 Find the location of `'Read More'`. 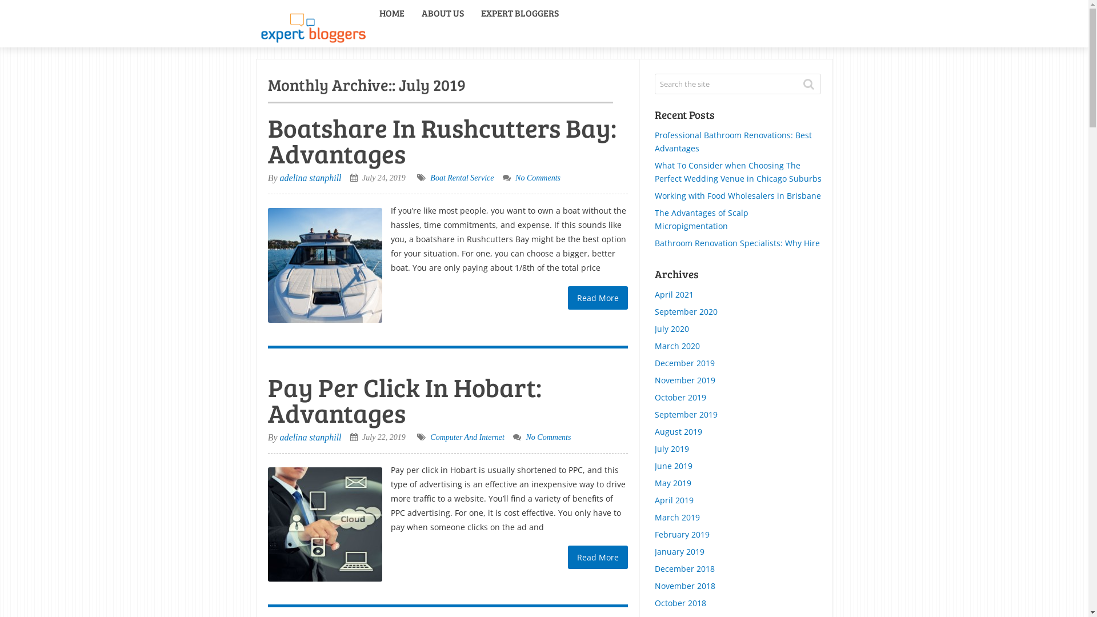

'Read More' is located at coordinates (597, 297).